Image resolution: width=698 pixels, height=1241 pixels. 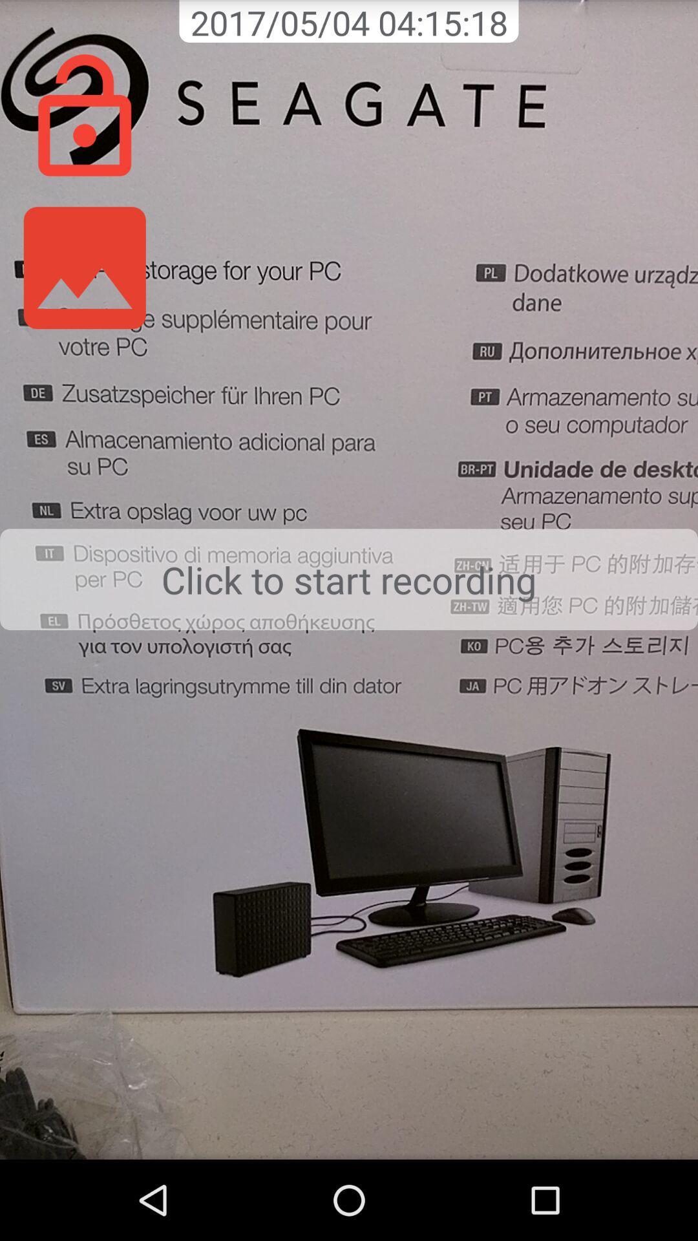 I want to click on the wallpaper icon, so click(x=85, y=286).